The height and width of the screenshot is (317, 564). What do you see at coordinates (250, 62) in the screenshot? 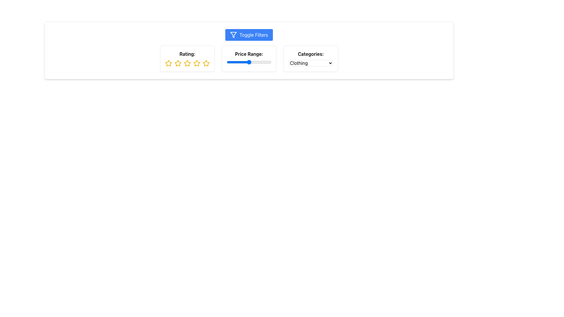
I see `the price range slider` at bounding box center [250, 62].